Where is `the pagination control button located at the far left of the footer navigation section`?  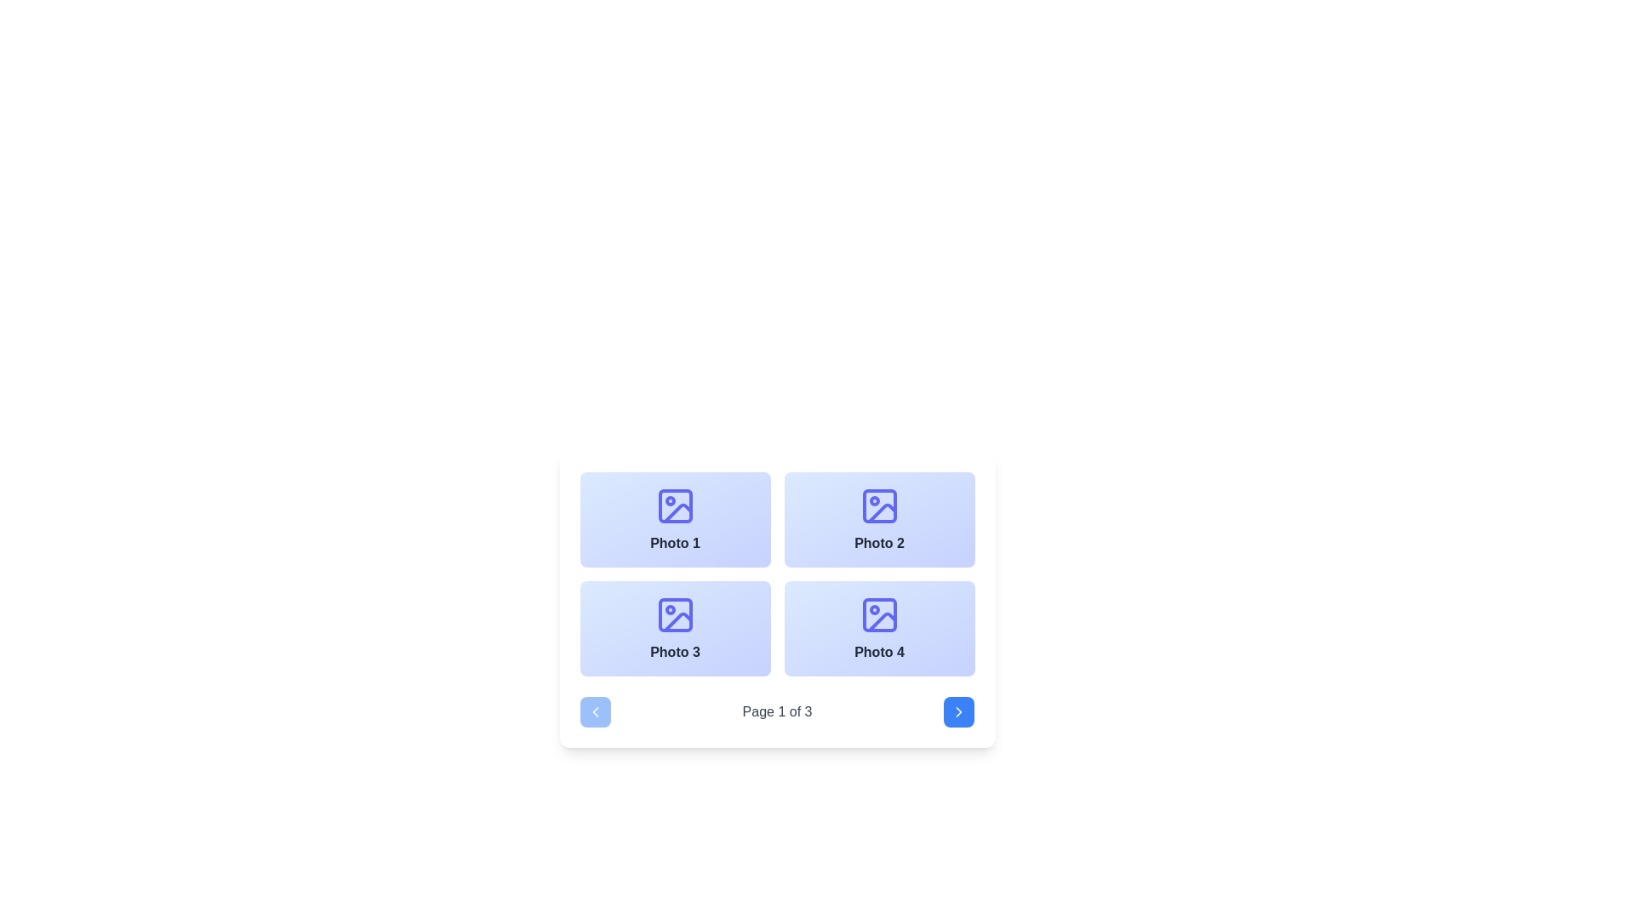 the pagination control button located at the far left of the footer navigation section is located at coordinates (595, 712).